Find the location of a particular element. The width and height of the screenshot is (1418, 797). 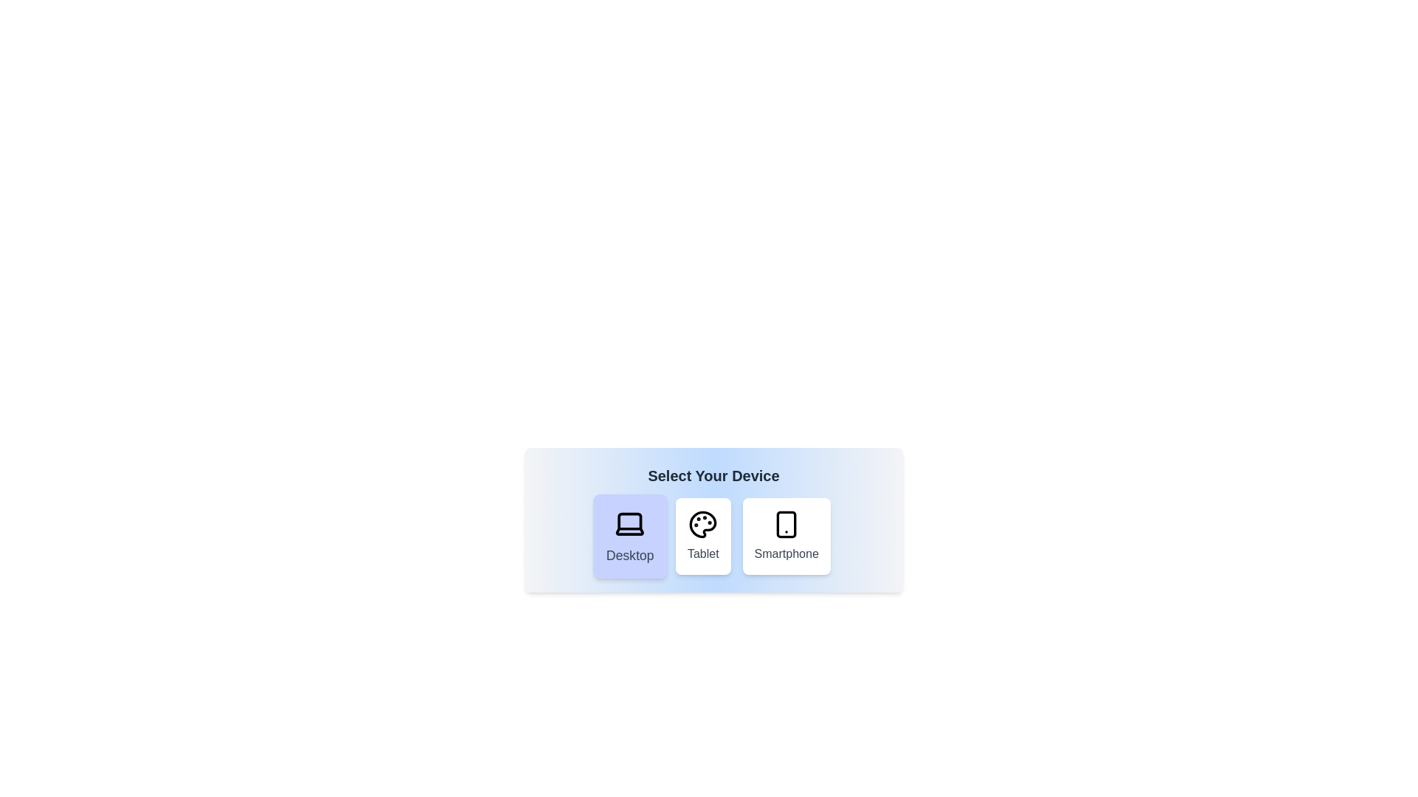

the 'Desktop' icon located in the first card under the heading 'Select Your Device', which visually represents the 'Desktop' option is located at coordinates (630, 522).